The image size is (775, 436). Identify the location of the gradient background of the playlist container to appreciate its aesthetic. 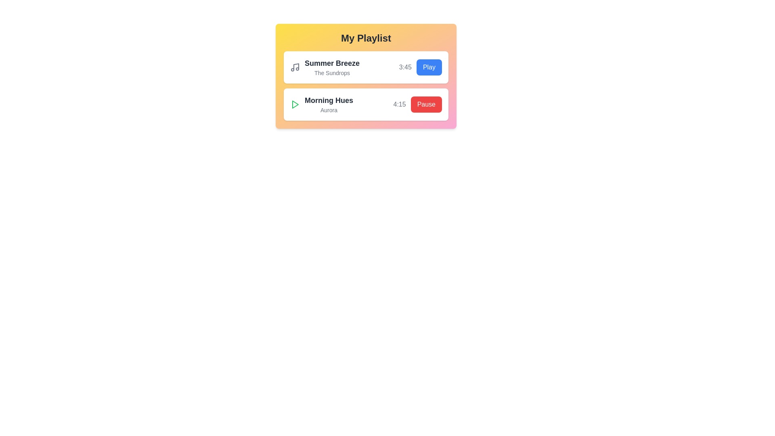
(366, 76).